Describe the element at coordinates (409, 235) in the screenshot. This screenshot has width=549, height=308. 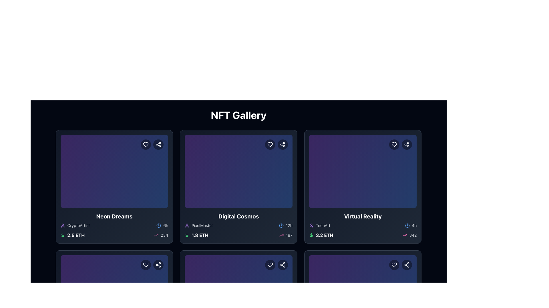
I see `the text label displaying the number '342' with an adjacent pink upward trending icon, located in the bottom-right section of the 'Virtual Reality' card` at that location.